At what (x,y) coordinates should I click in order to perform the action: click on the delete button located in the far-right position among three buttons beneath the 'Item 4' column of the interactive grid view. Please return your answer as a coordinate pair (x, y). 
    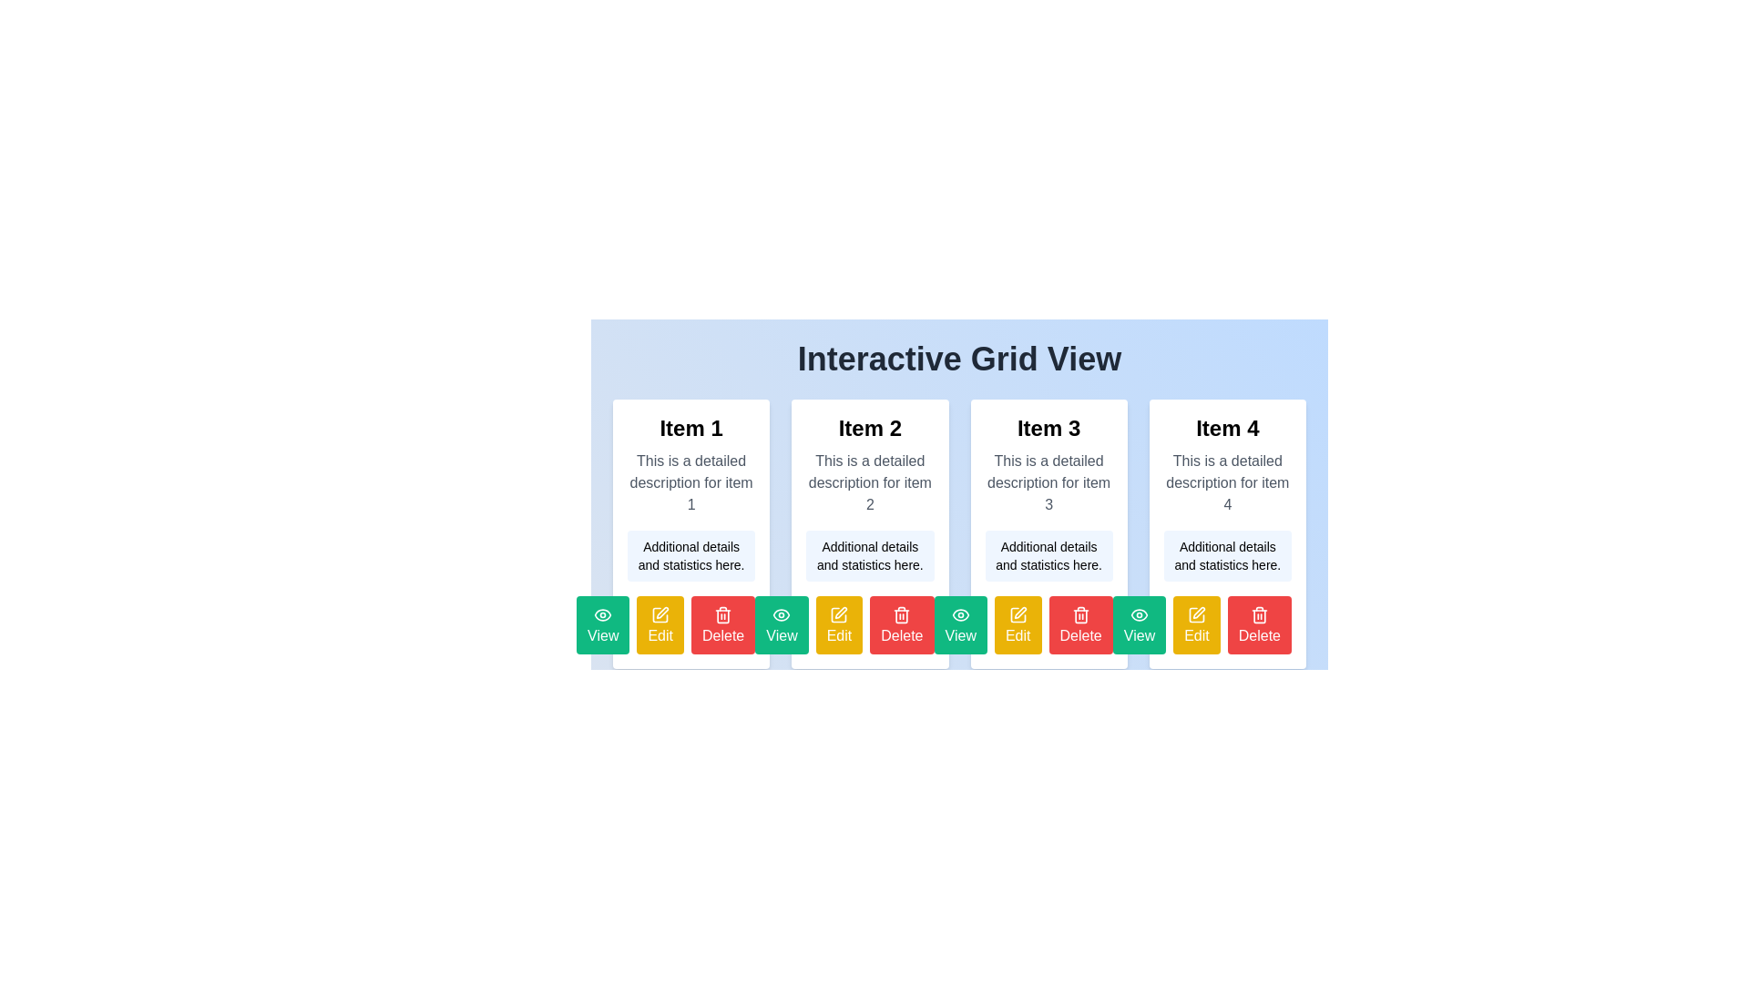
    Looking at the image, I should click on (722, 916).